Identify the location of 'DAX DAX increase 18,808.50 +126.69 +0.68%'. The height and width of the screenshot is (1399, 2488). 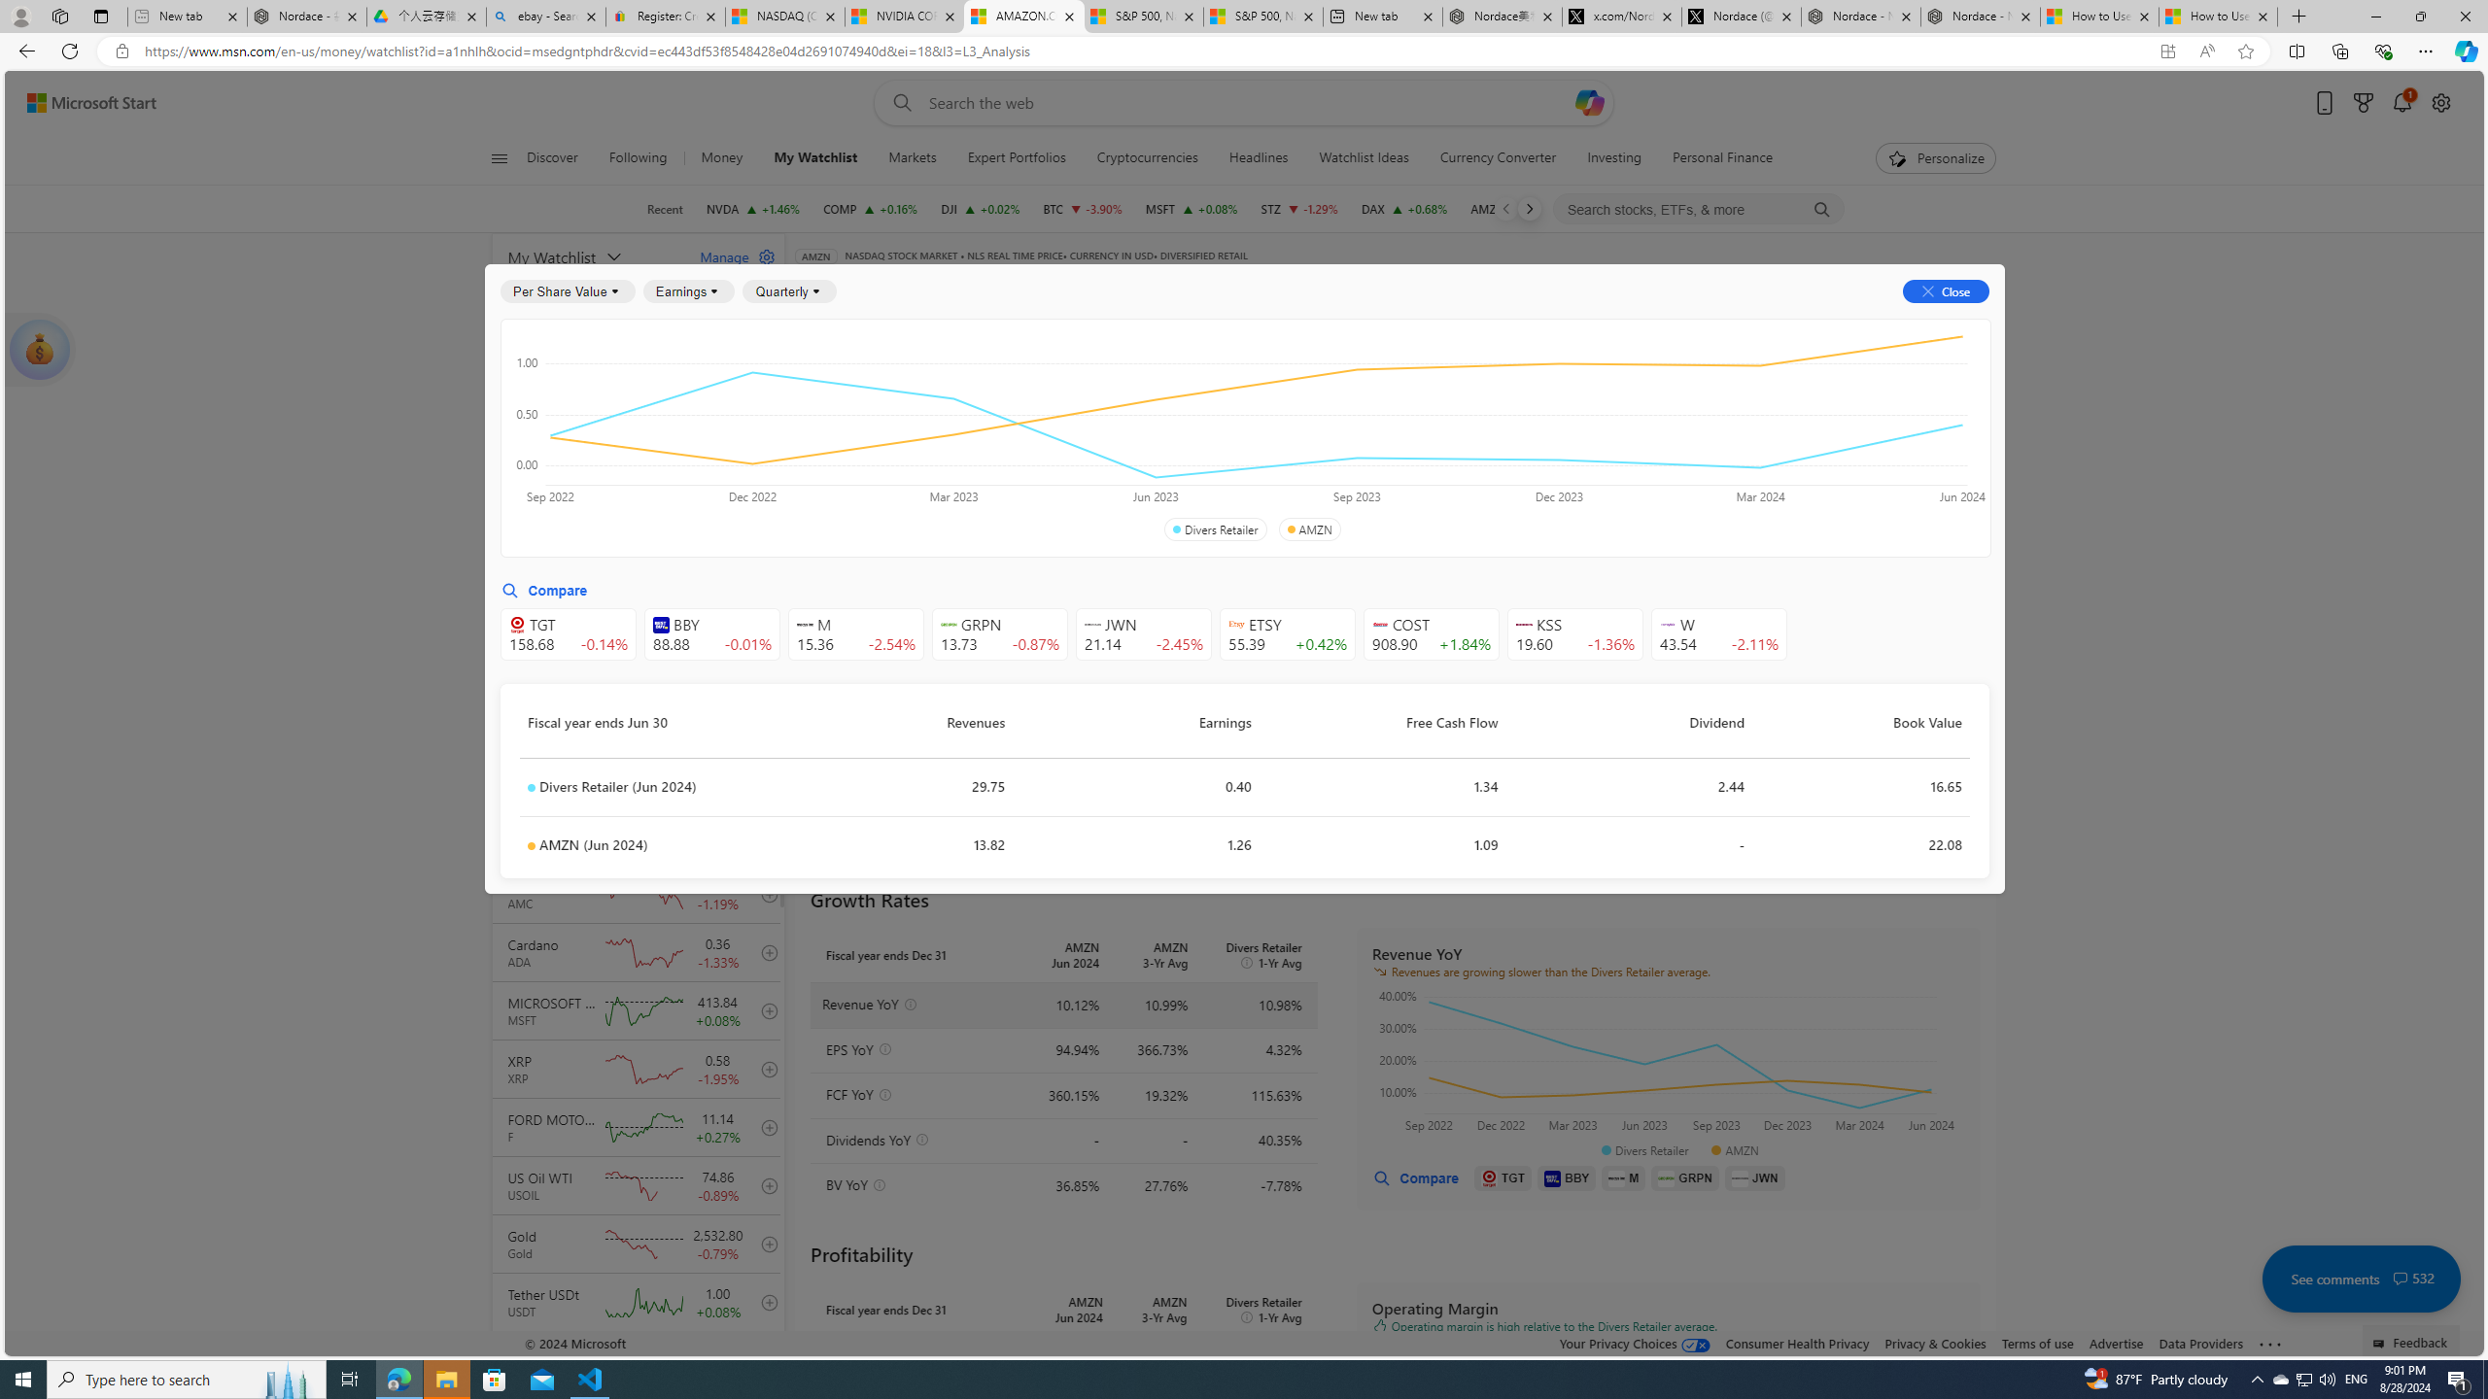
(1403, 208).